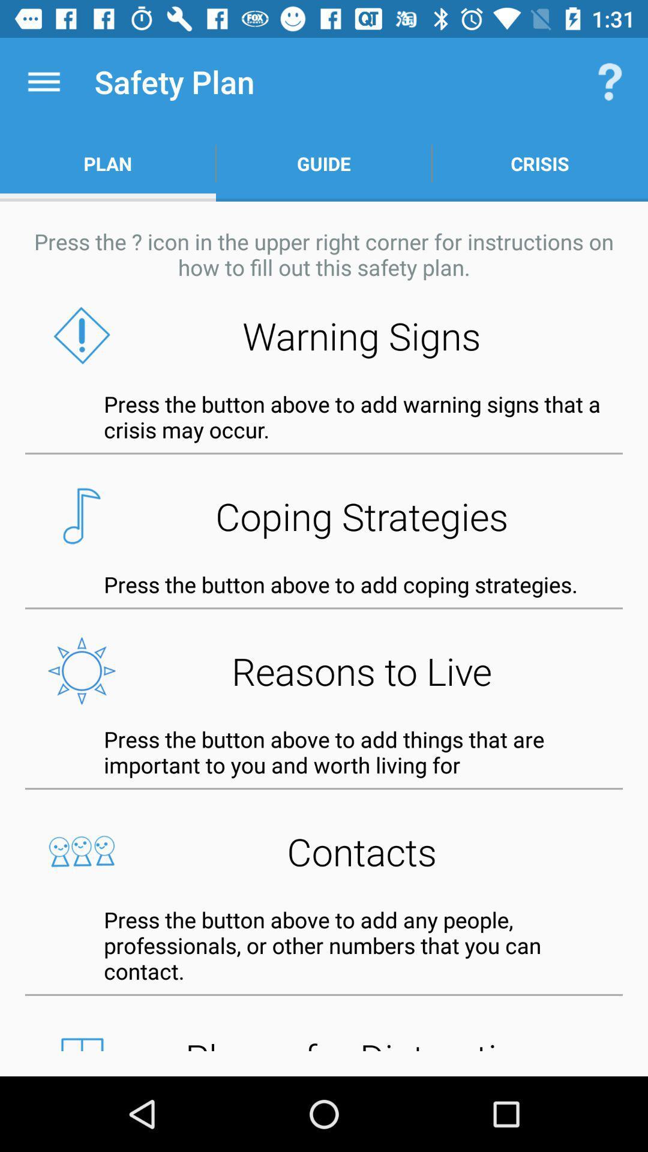 The height and width of the screenshot is (1152, 648). Describe the element at coordinates (324, 163) in the screenshot. I see `the guide app` at that location.